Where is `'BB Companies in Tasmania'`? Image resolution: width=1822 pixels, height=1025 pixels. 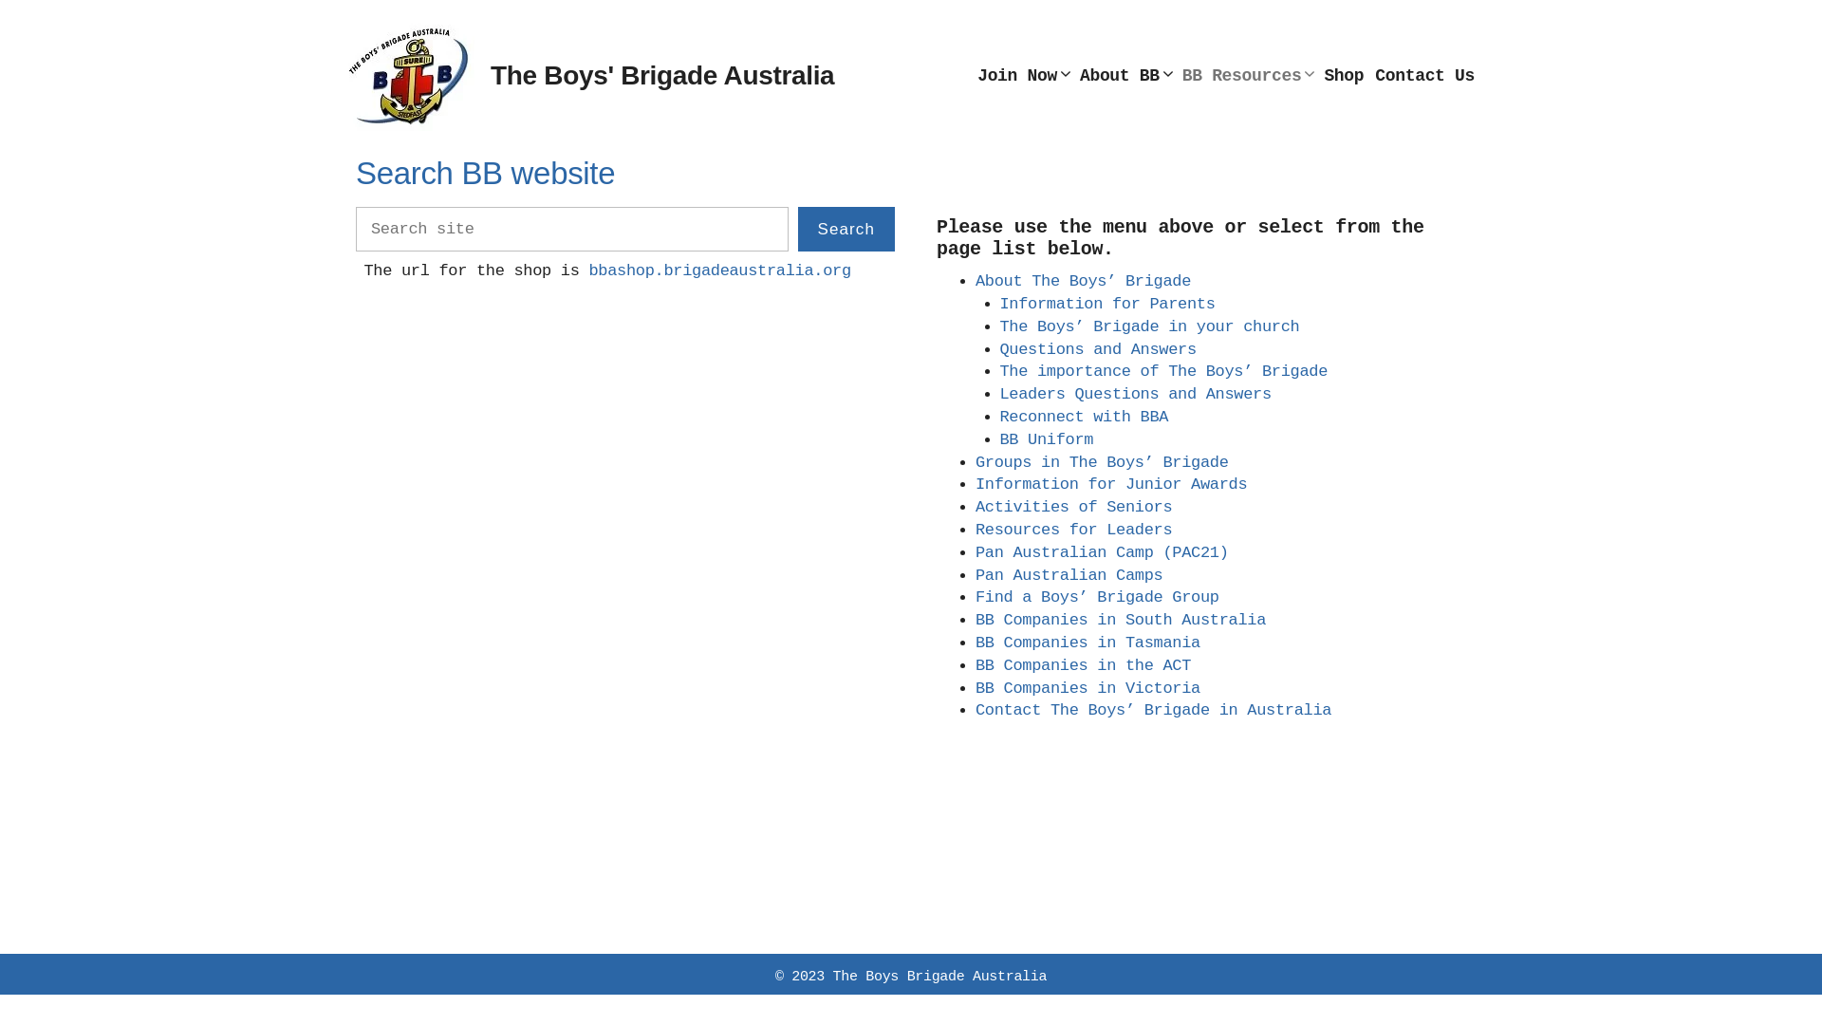
'BB Companies in Tasmania' is located at coordinates (1088, 642).